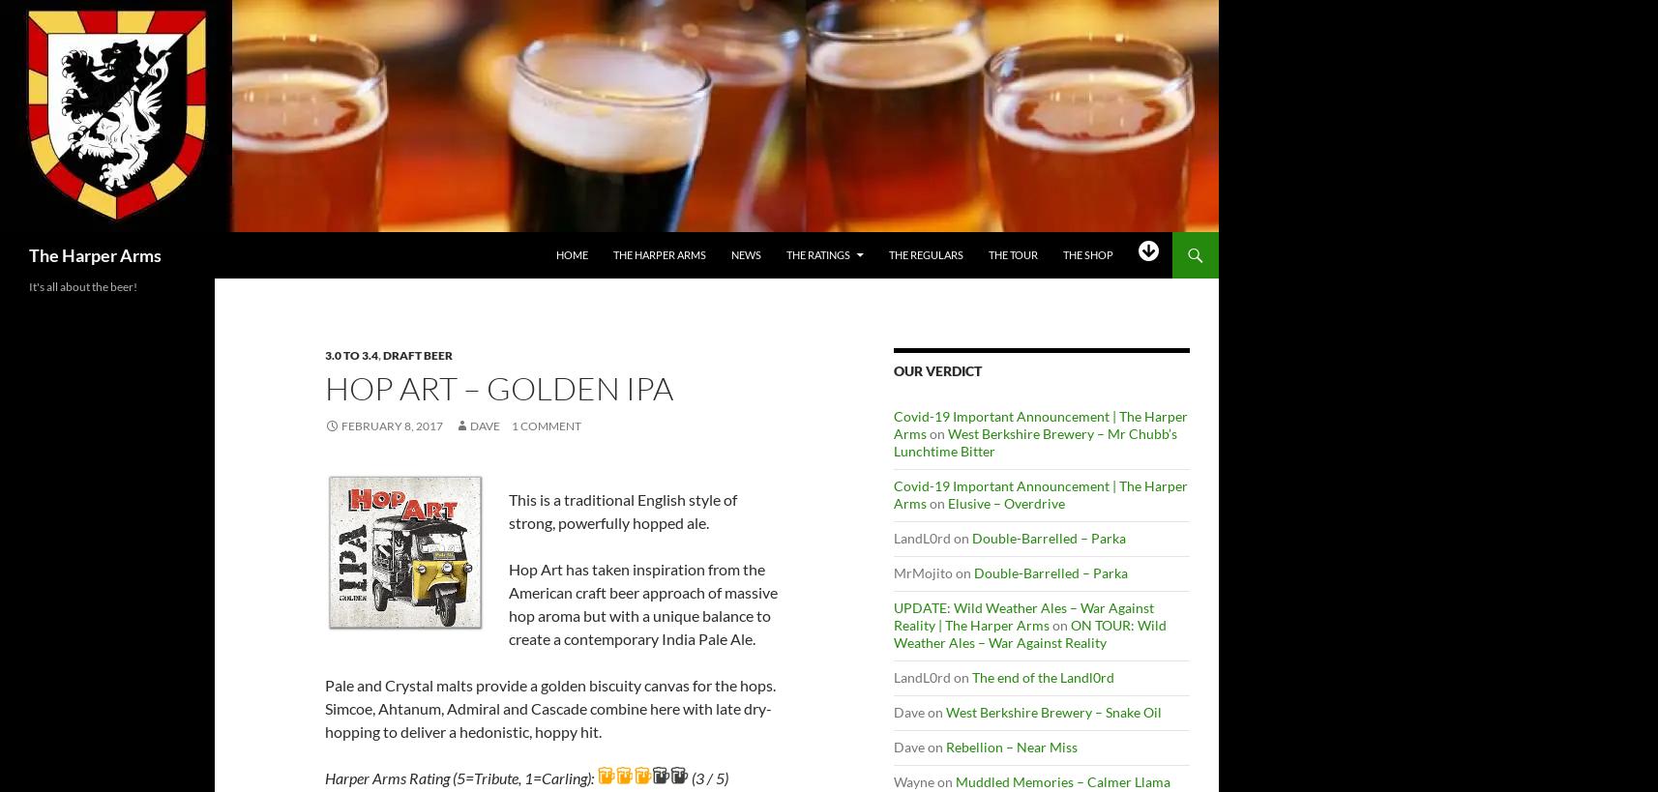  I want to click on 'West Berkshire Brewery – Mr Chubb’s Lunchtime Bitter', so click(1035, 442).